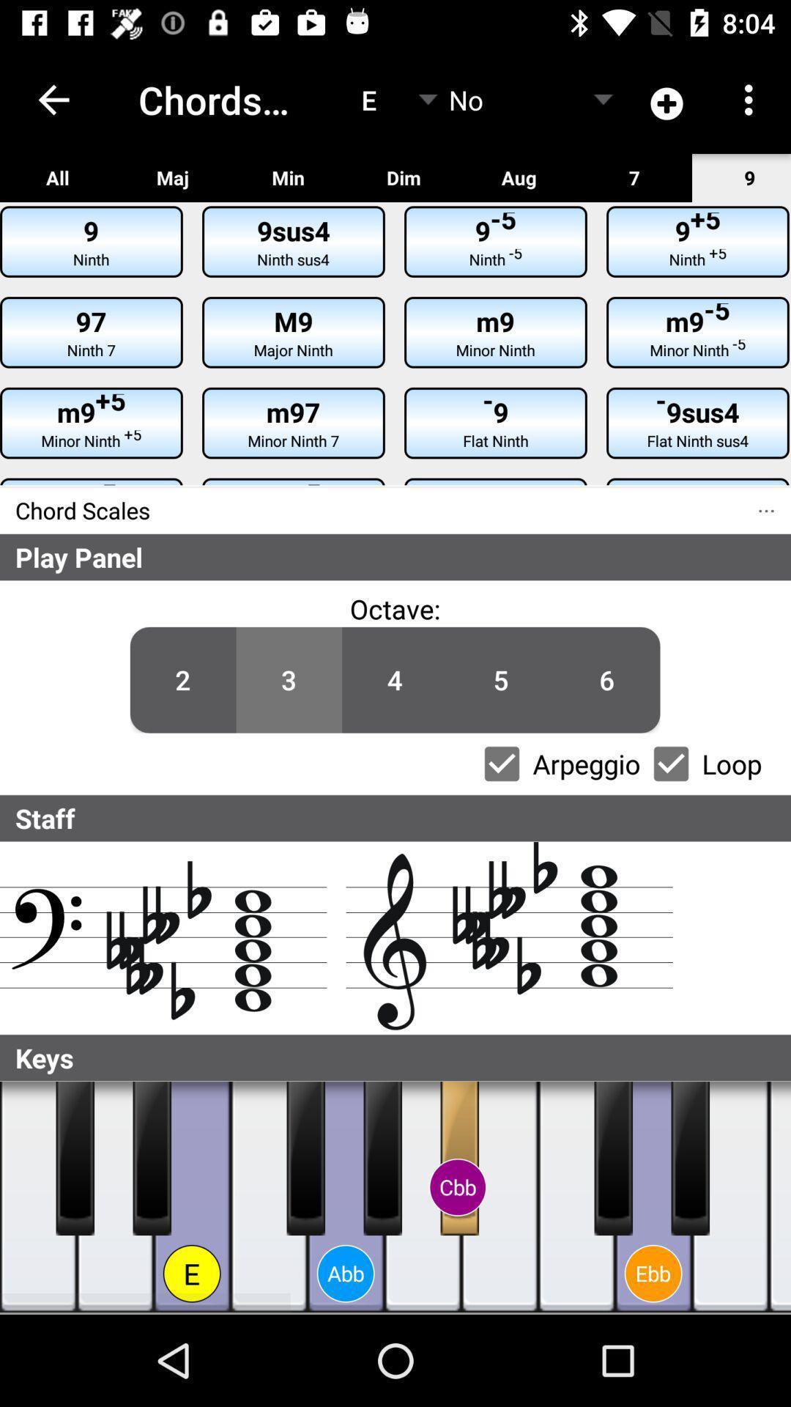 The height and width of the screenshot is (1407, 791). I want to click on play music note, so click(114, 1197).